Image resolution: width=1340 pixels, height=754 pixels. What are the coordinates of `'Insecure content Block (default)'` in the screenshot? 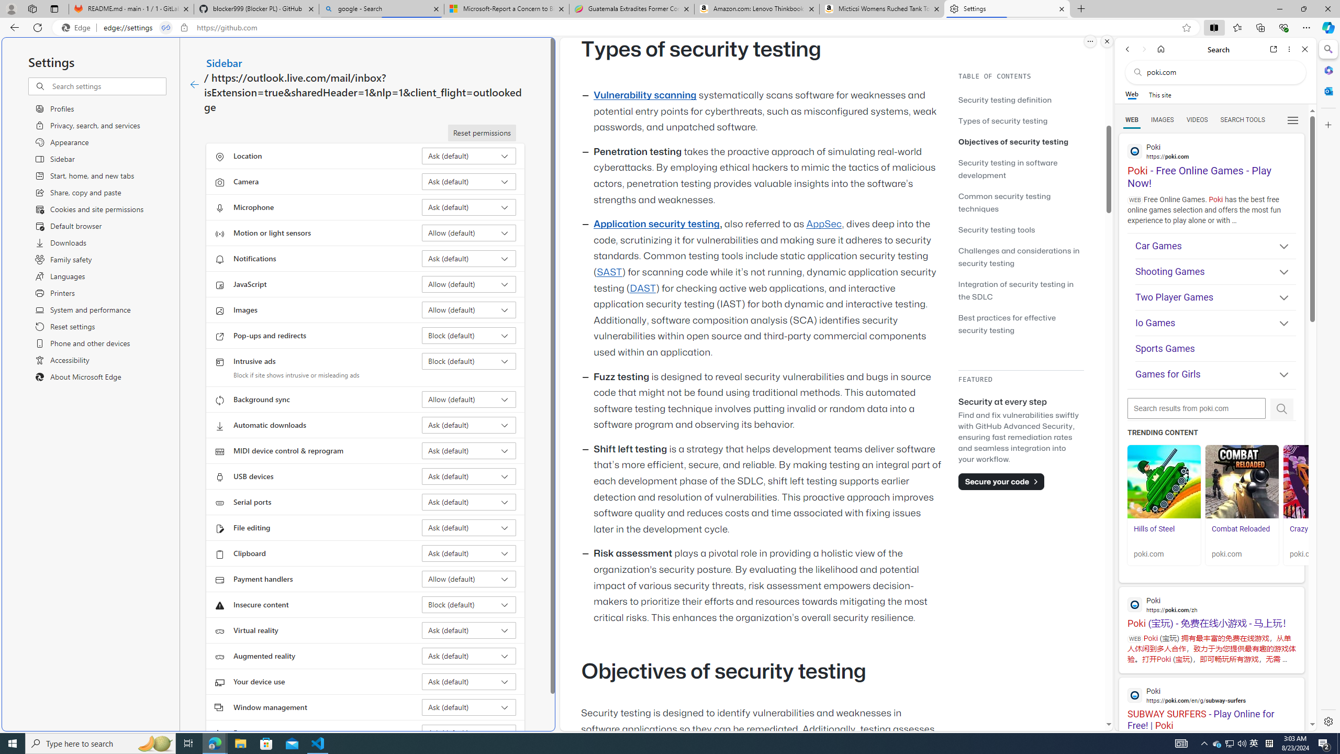 It's located at (469, 604).